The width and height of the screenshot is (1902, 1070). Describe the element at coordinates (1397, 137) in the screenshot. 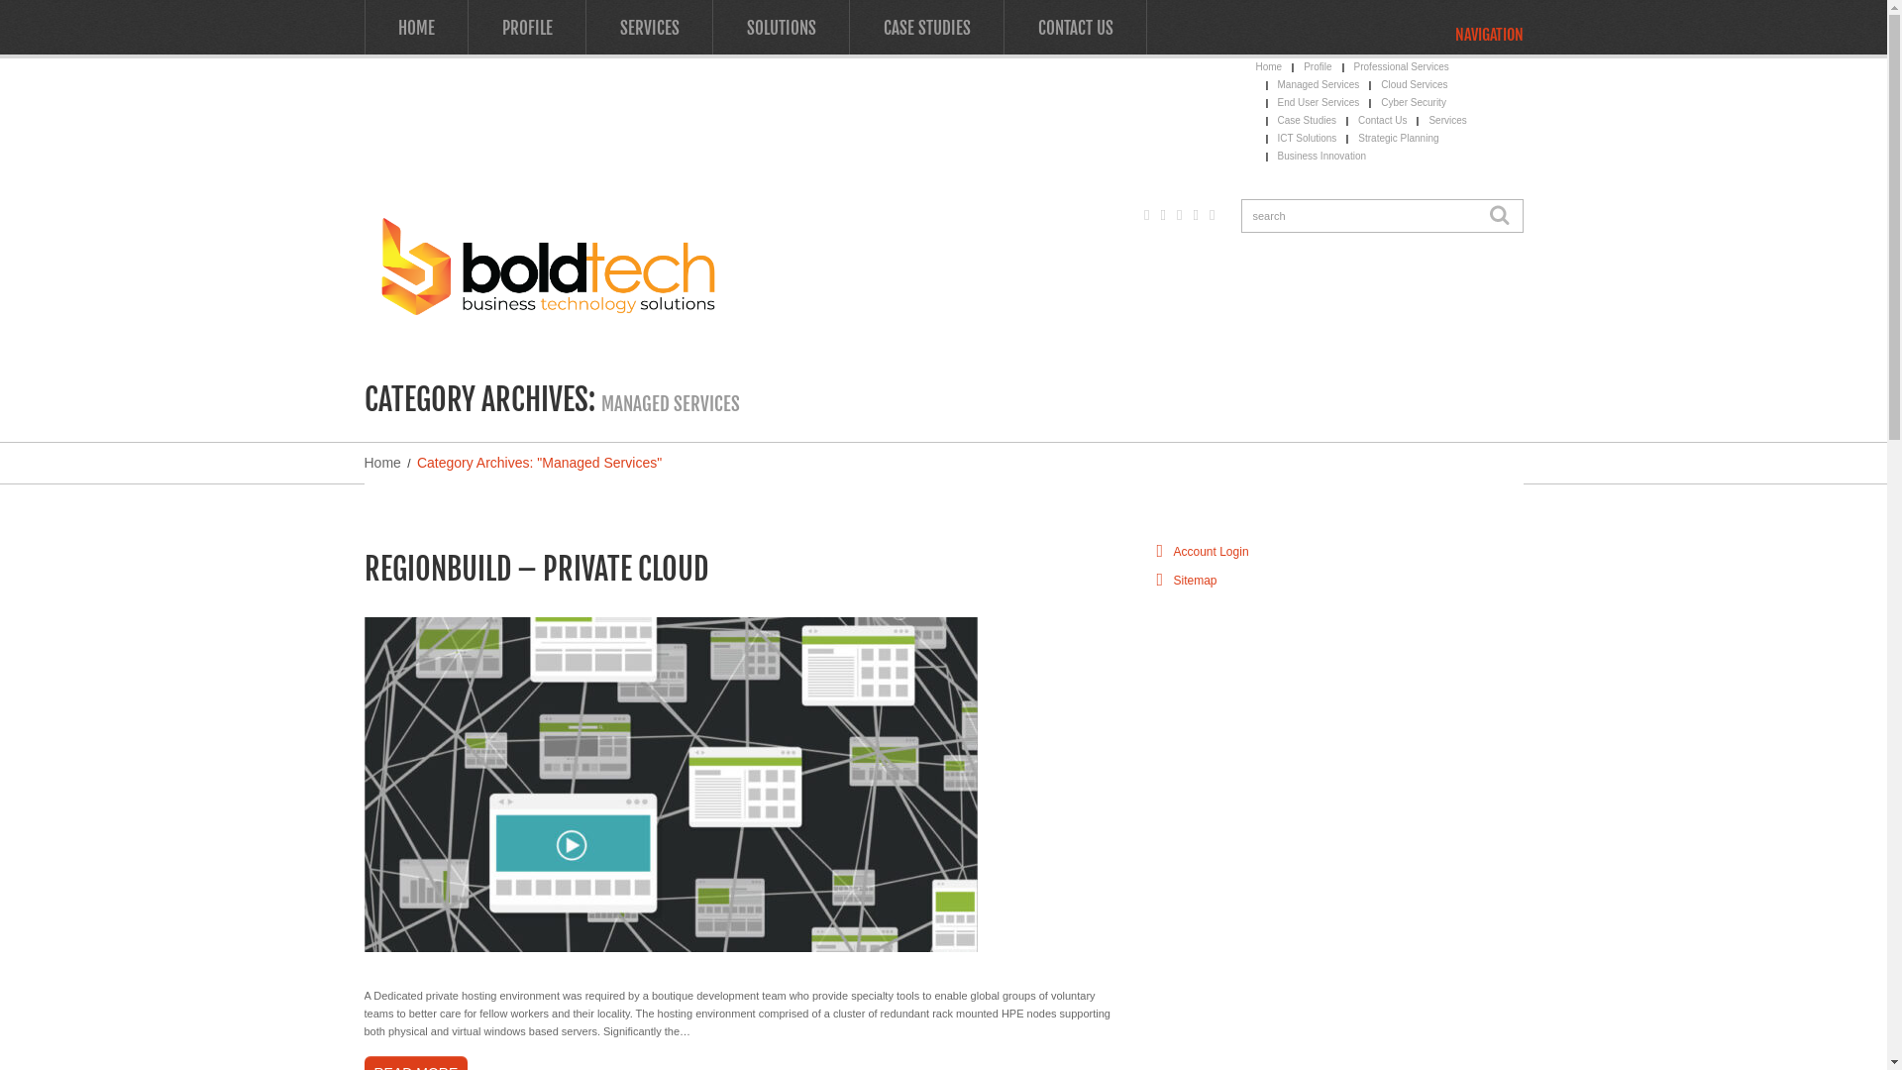

I see `'Strategic Planning'` at that location.